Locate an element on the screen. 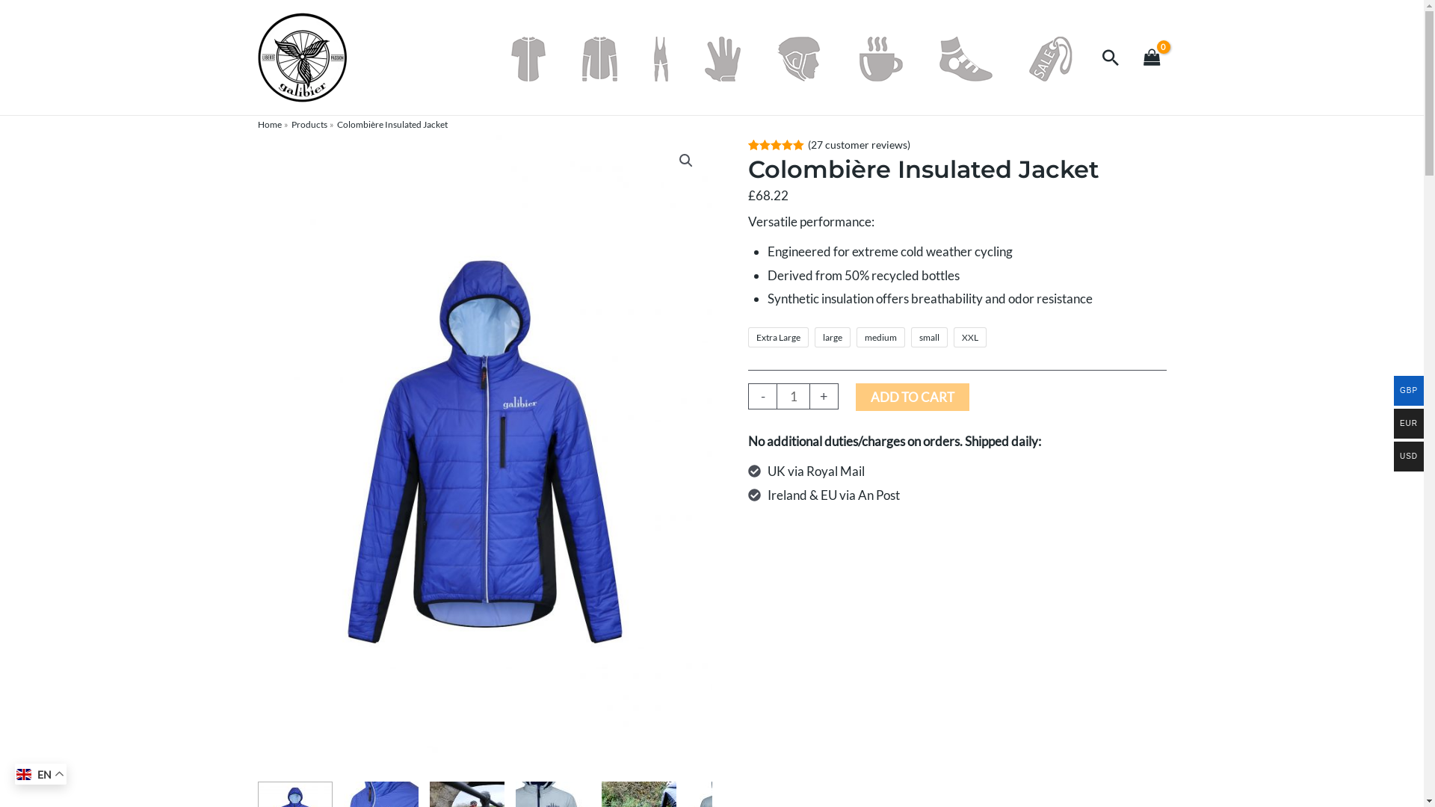 The height and width of the screenshot is (807, 1435). '-' is located at coordinates (762, 395).